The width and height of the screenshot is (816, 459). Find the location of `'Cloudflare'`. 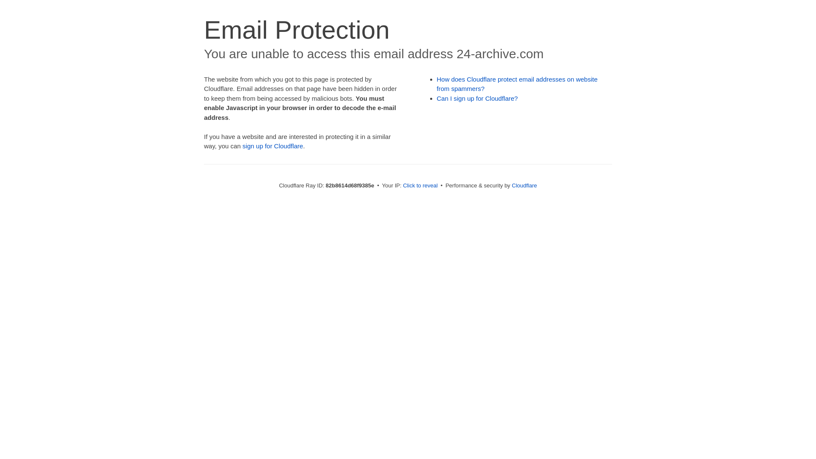

'Cloudflare' is located at coordinates (524, 185).